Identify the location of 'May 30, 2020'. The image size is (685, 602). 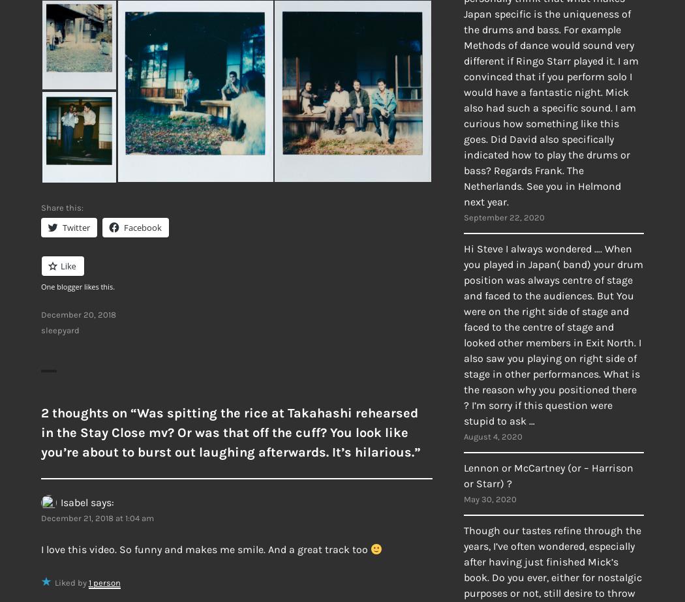
(490, 498).